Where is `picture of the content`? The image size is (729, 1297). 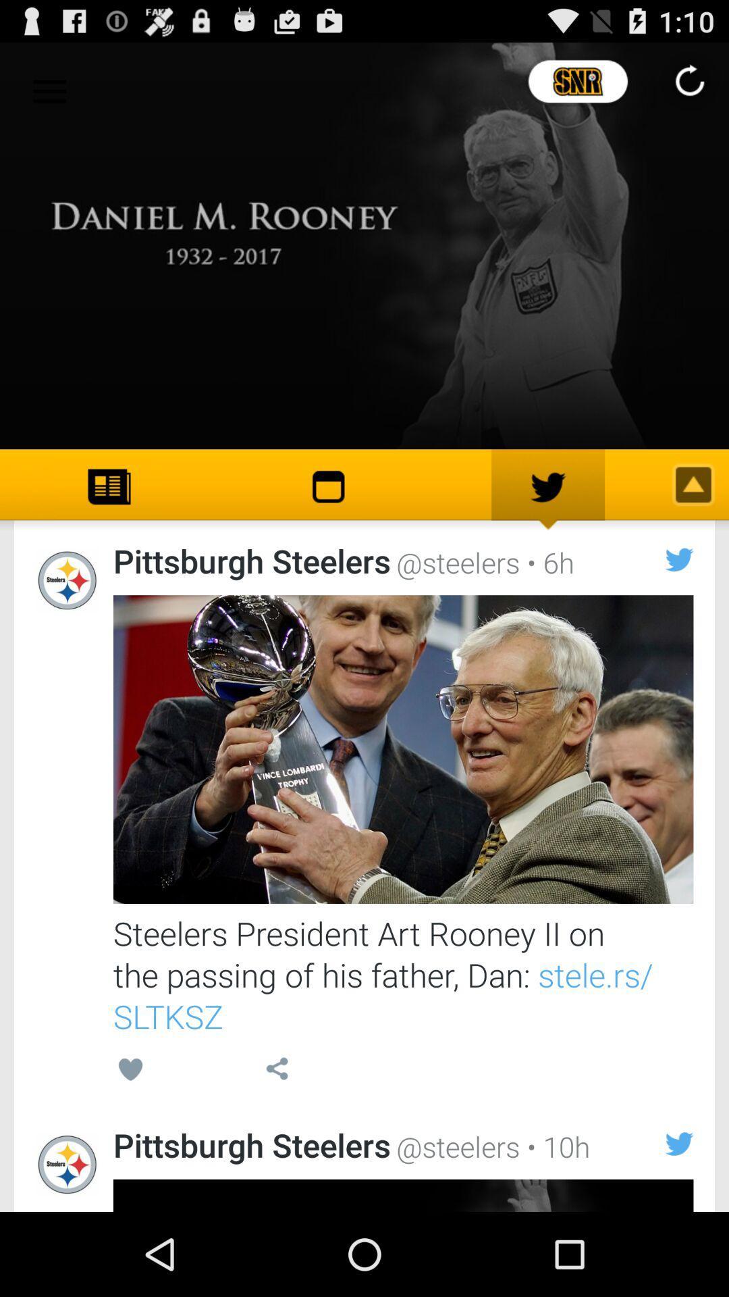 picture of the content is located at coordinates (402, 748).